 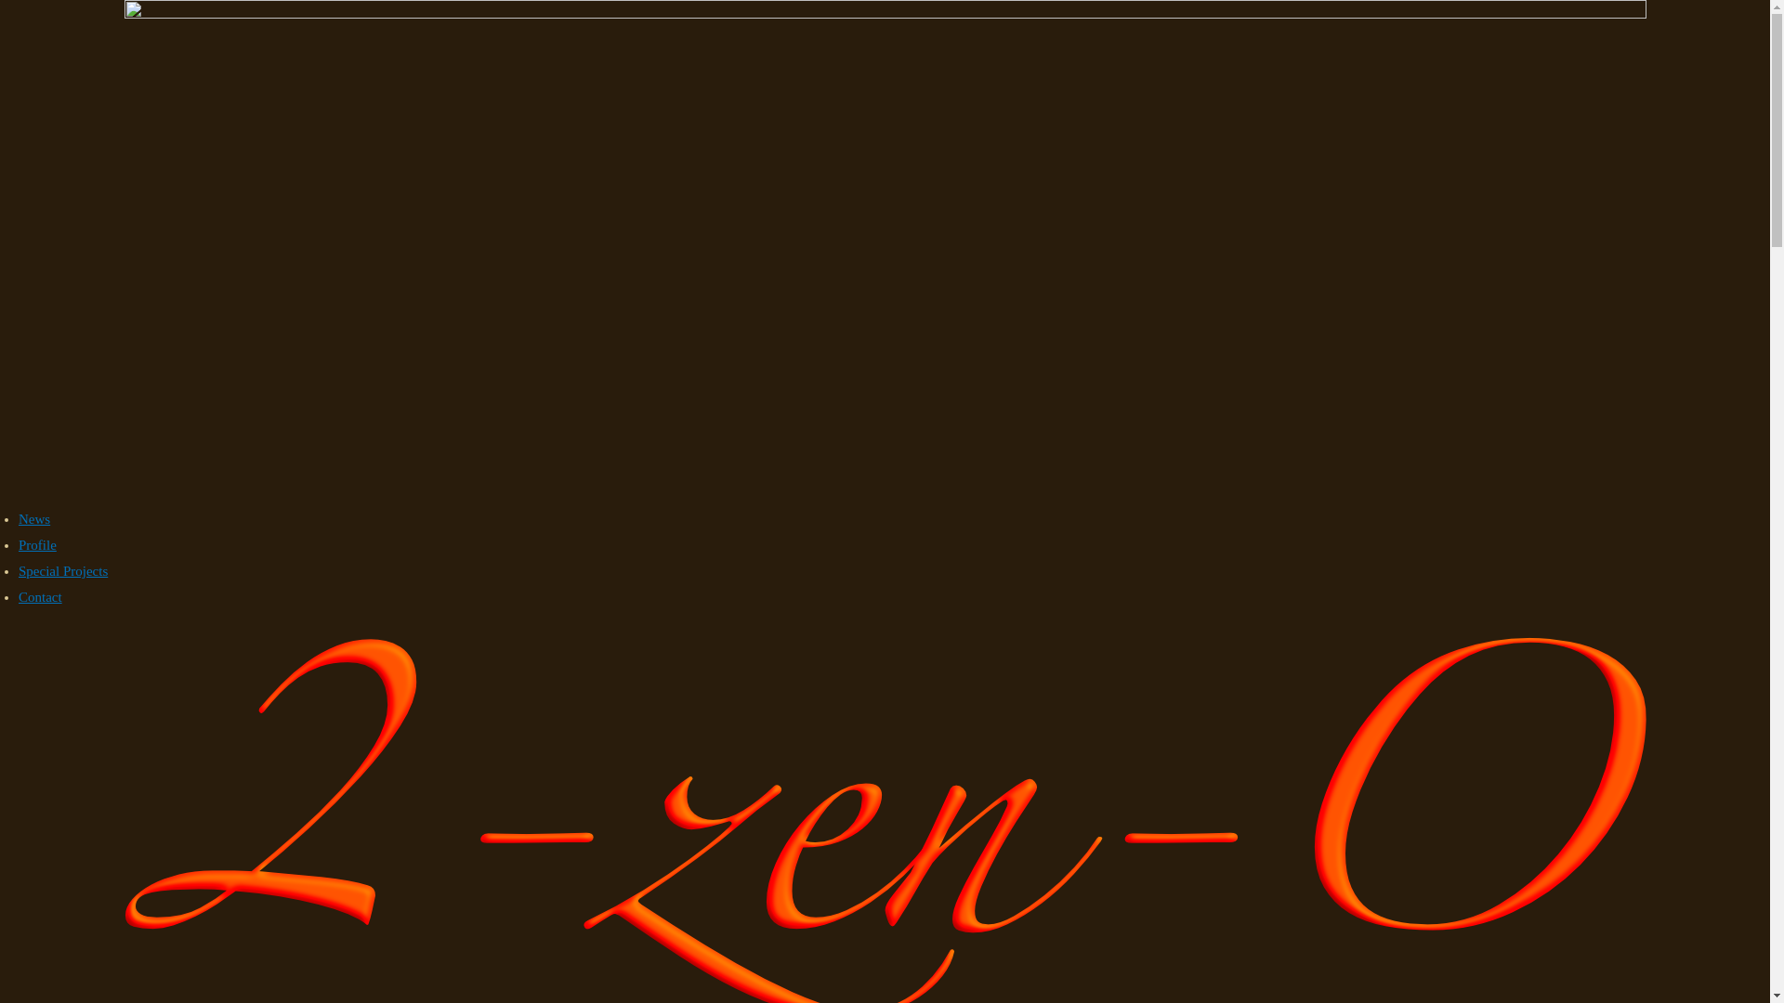 What do you see at coordinates (62, 569) in the screenshot?
I see `'Special Projects'` at bounding box center [62, 569].